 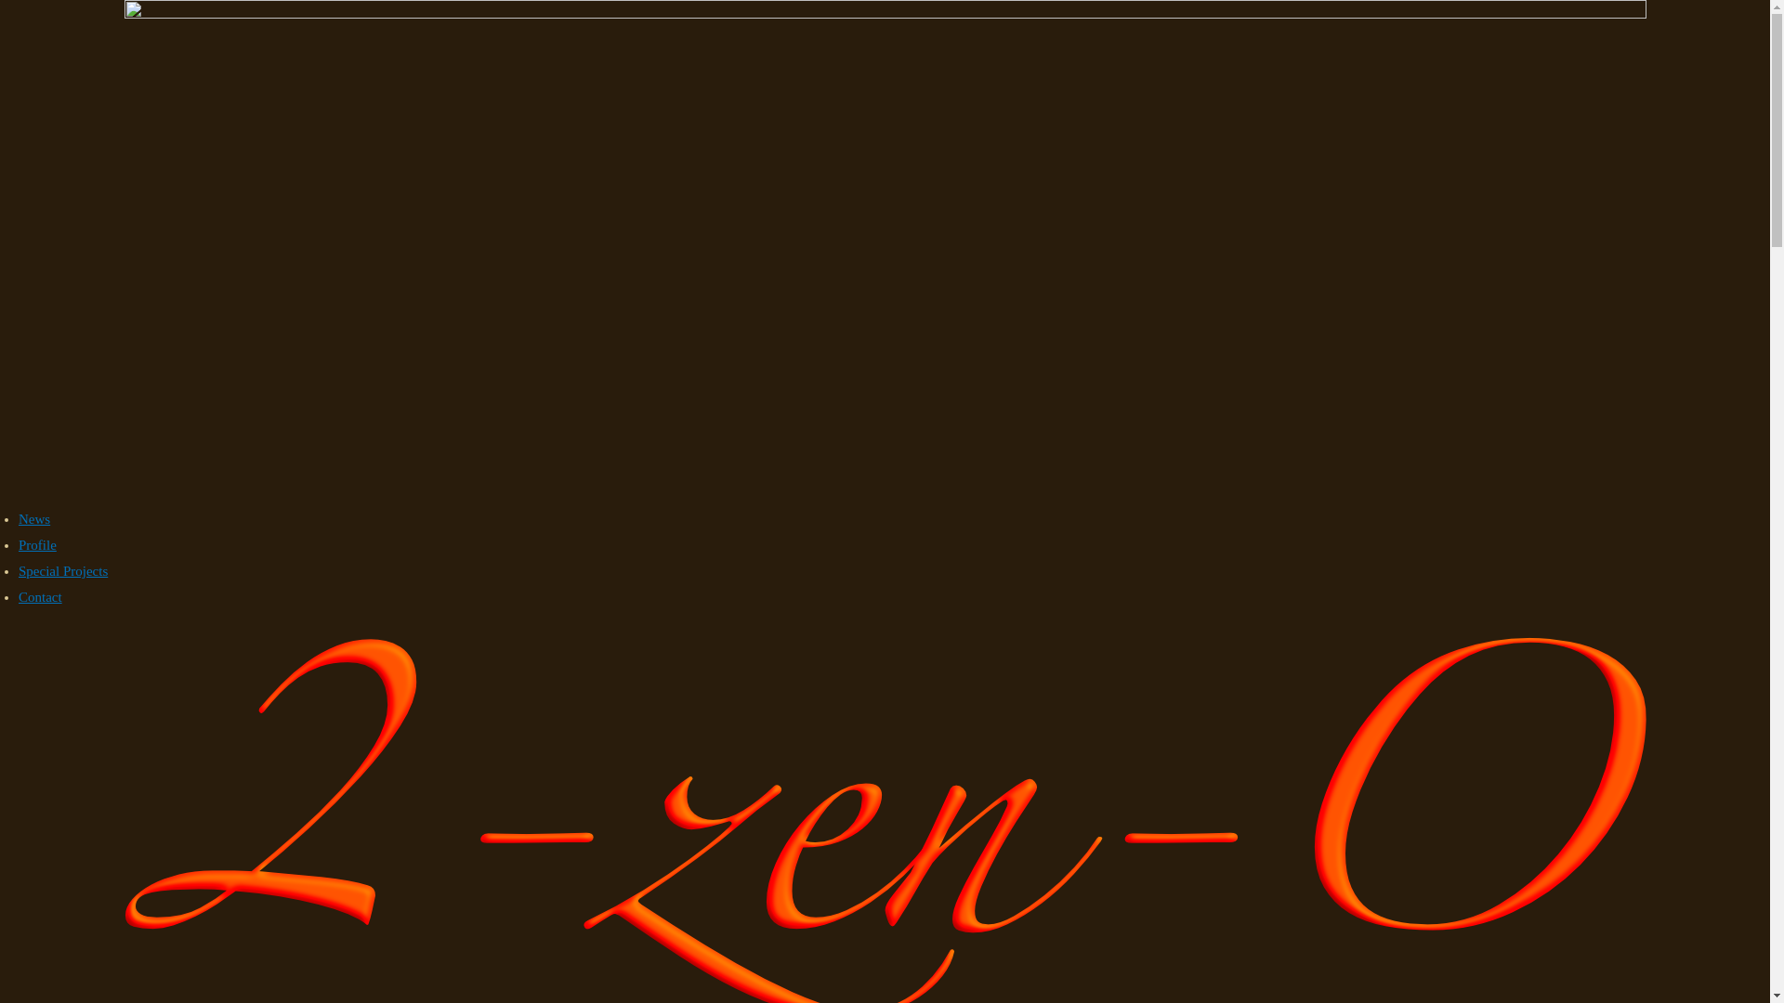 What do you see at coordinates (62, 569) in the screenshot?
I see `'Special Projects'` at bounding box center [62, 569].